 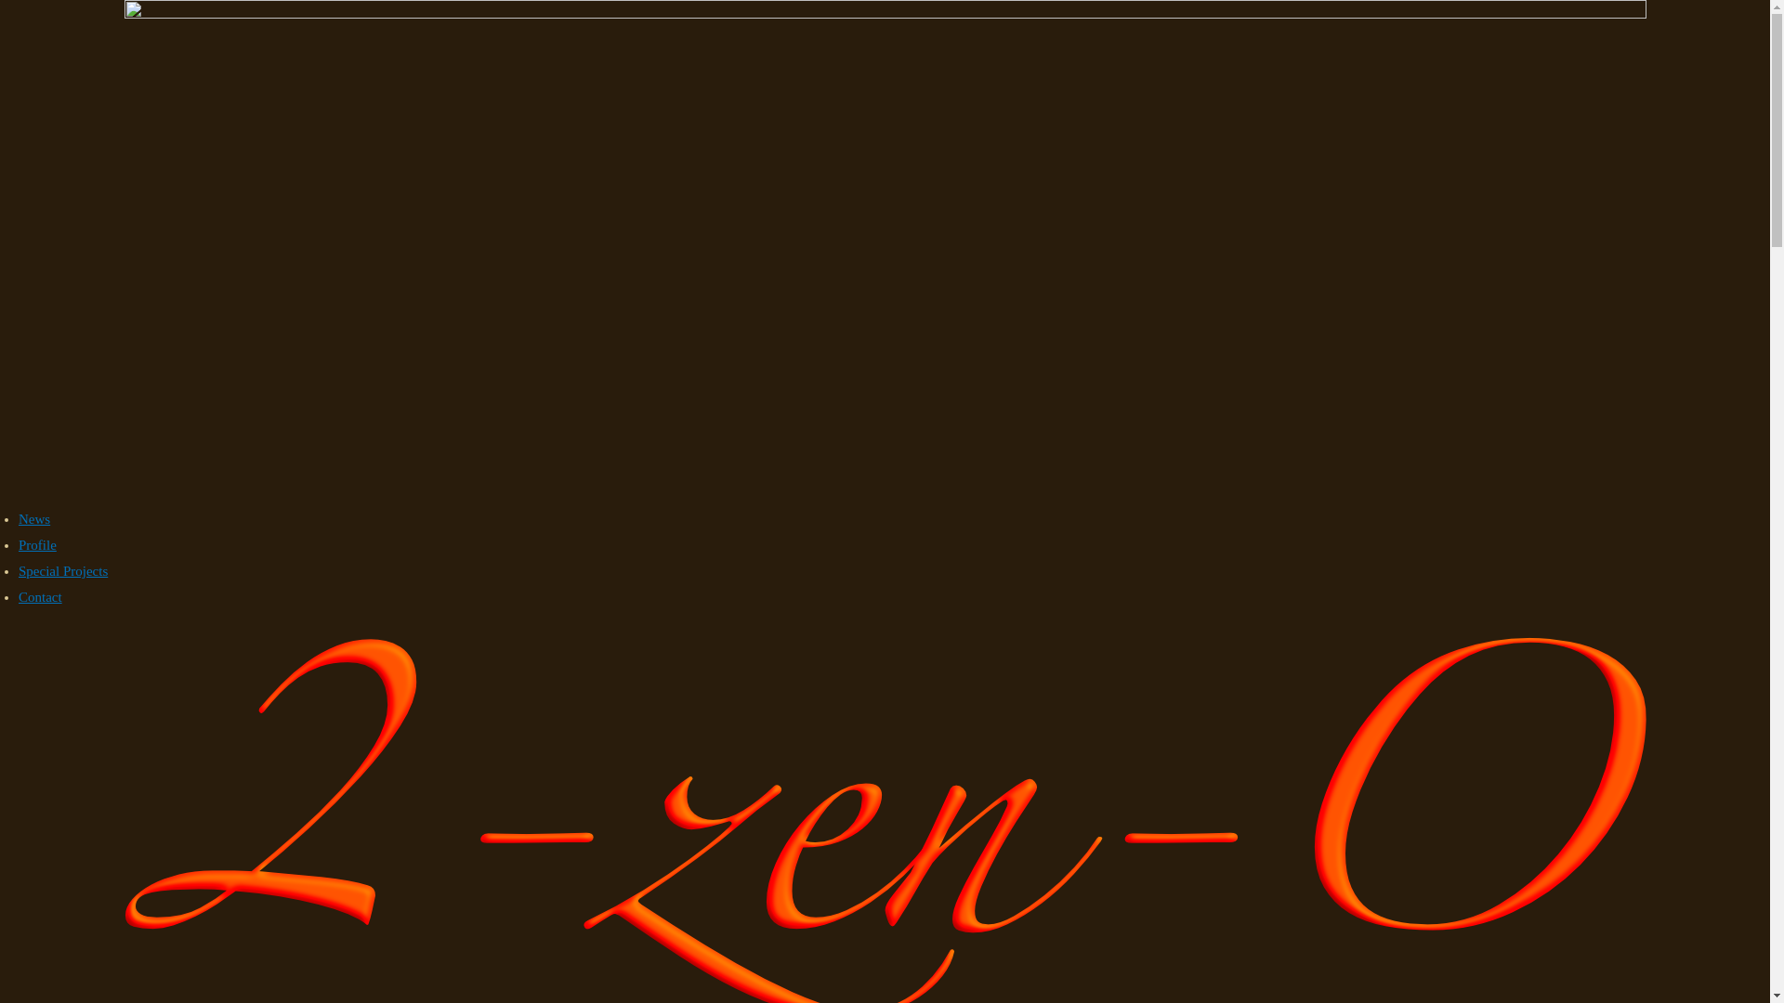 What do you see at coordinates (62, 569) in the screenshot?
I see `'Special Projects'` at bounding box center [62, 569].